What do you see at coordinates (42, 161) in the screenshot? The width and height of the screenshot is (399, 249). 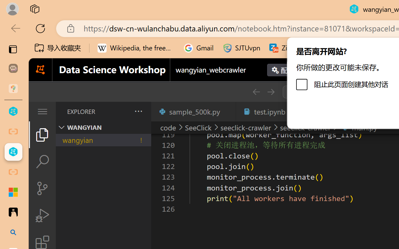 I see `'Search (Ctrl+Shift+F)'` at bounding box center [42, 161].